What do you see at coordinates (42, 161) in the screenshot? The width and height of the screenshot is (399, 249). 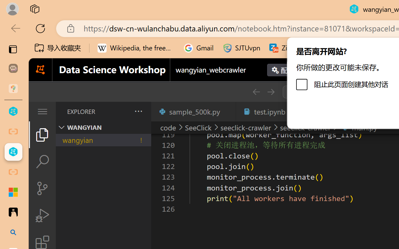 I see `'Search (Ctrl+Shift+F)'` at bounding box center [42, 161].